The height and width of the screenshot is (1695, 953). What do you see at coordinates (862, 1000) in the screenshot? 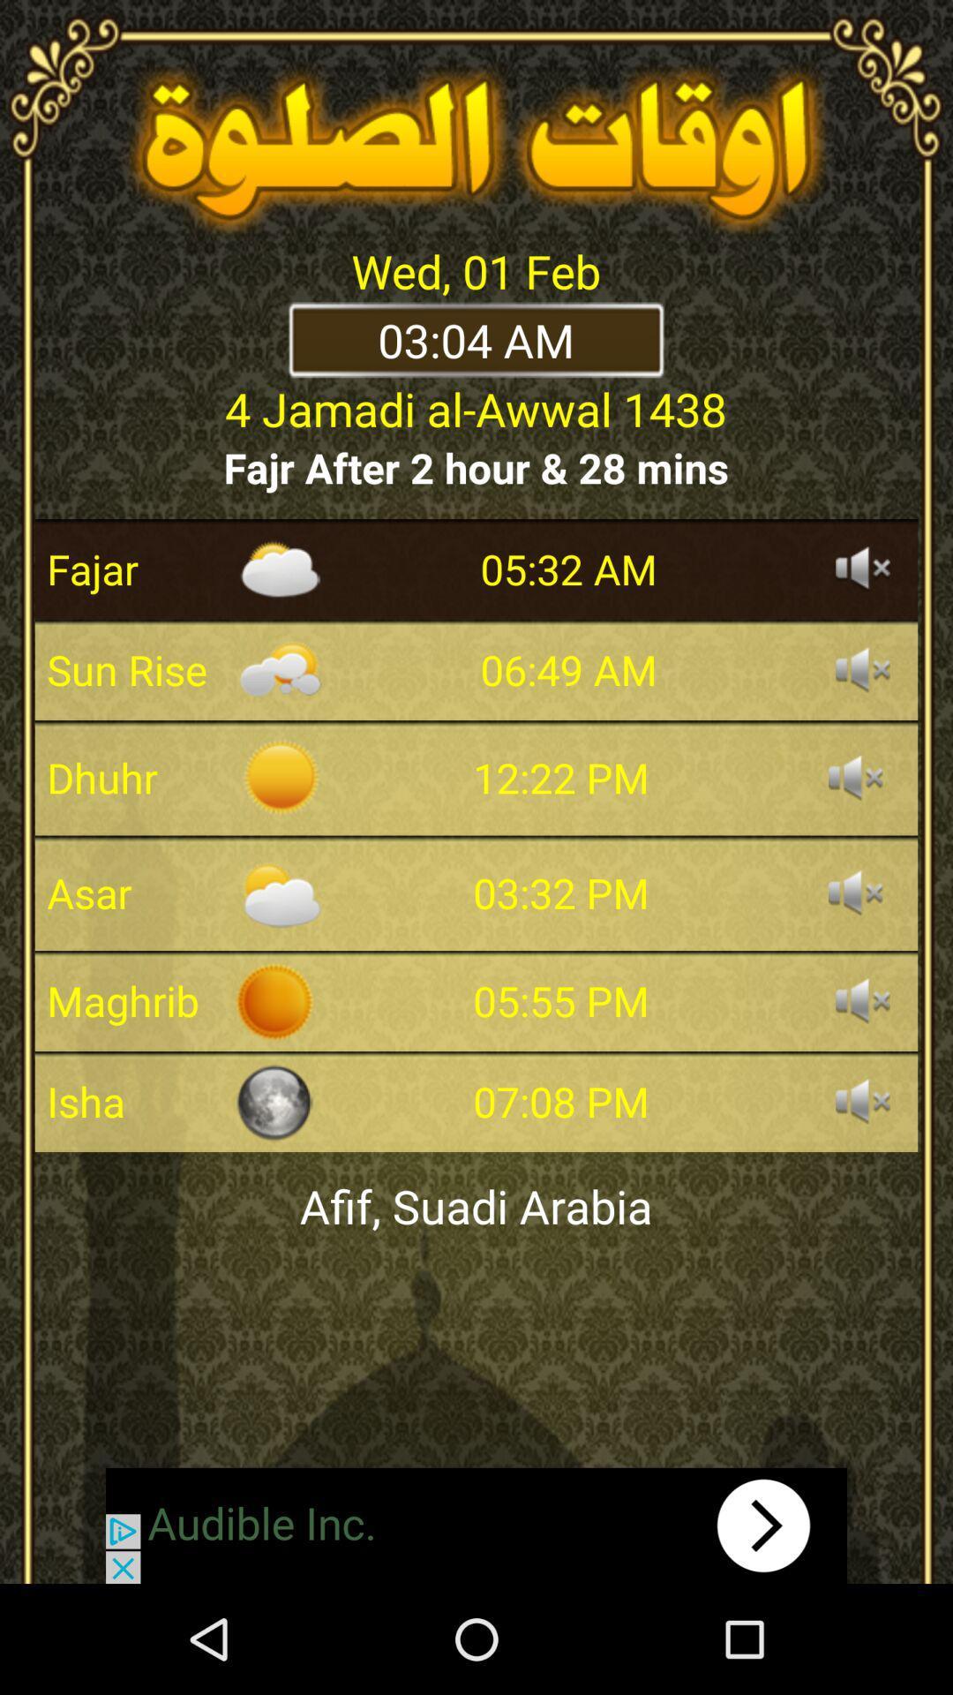
I see `namaz time annoncer` at bounding box center [862, 1000].